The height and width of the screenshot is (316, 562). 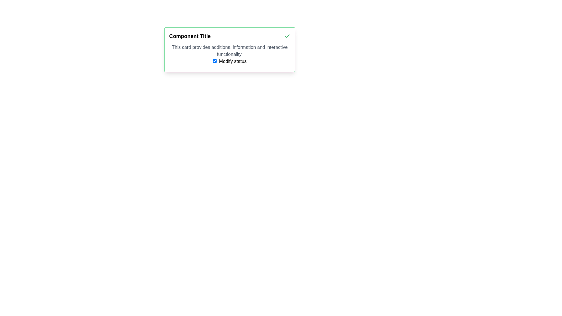 What do you see at coordinates (232, 61) in the screenshot?
I see `the 'Modify status' label to associate it with the checkbox functionality in the second row of elements in the card component` at bounding box center [232, 61].